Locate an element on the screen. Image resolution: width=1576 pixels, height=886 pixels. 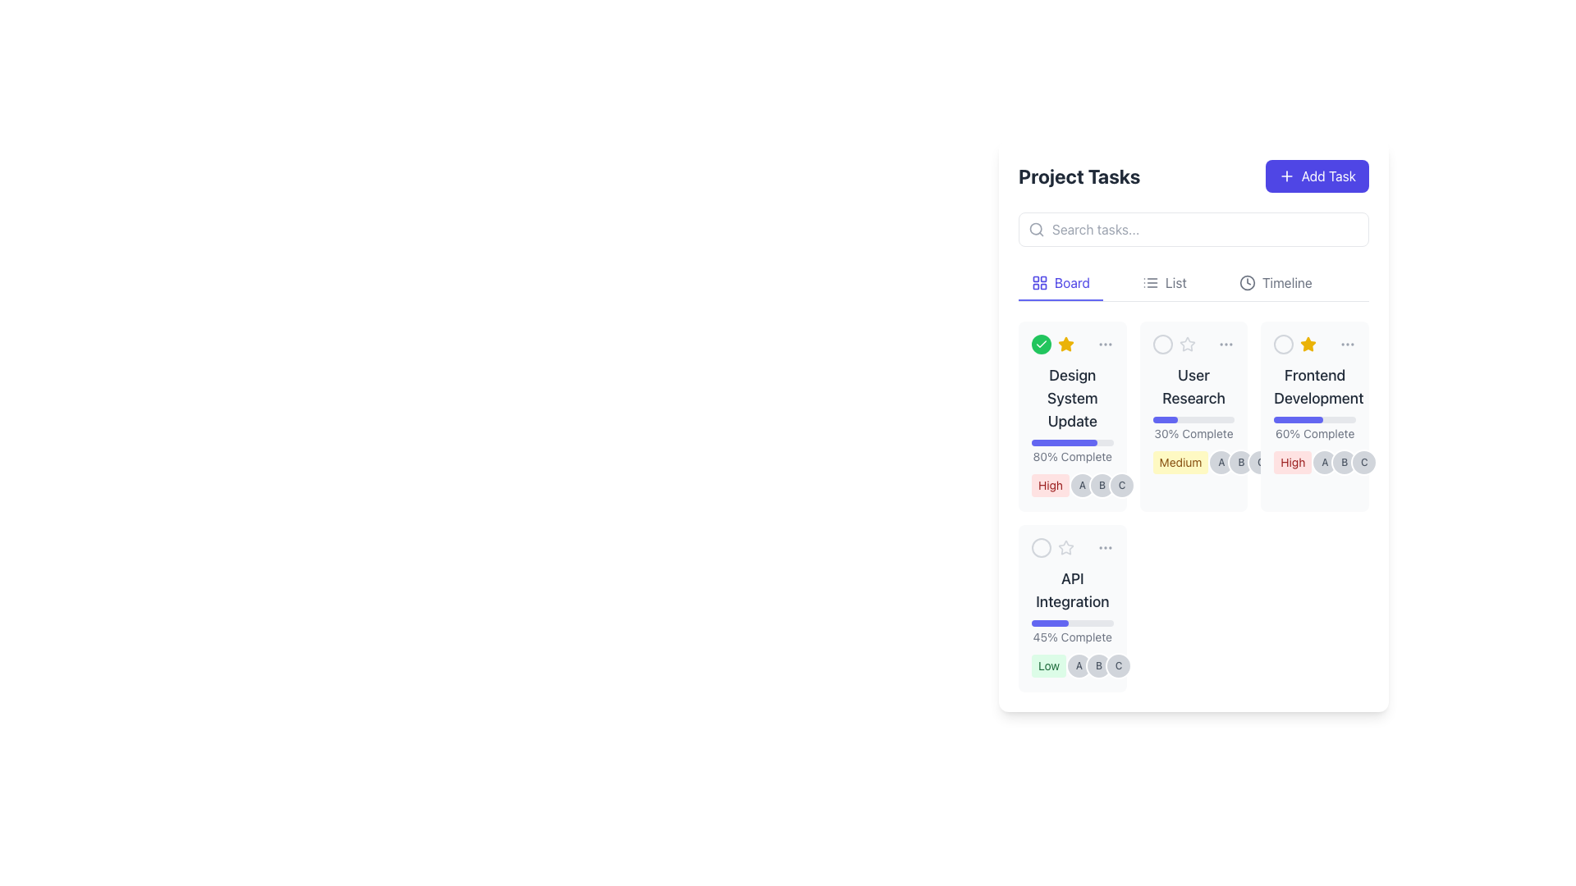
the list icon, which is characterized by three horizontal lines and is located to the left of the text 'List' in the sidebar menu is located at coordinates (1149, 281).